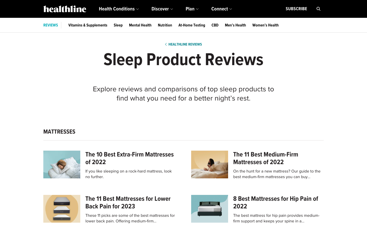 The height and width of the screenshot is (229, 367). I want to click on Search for mattresses using the search bar, so click(318, 9).